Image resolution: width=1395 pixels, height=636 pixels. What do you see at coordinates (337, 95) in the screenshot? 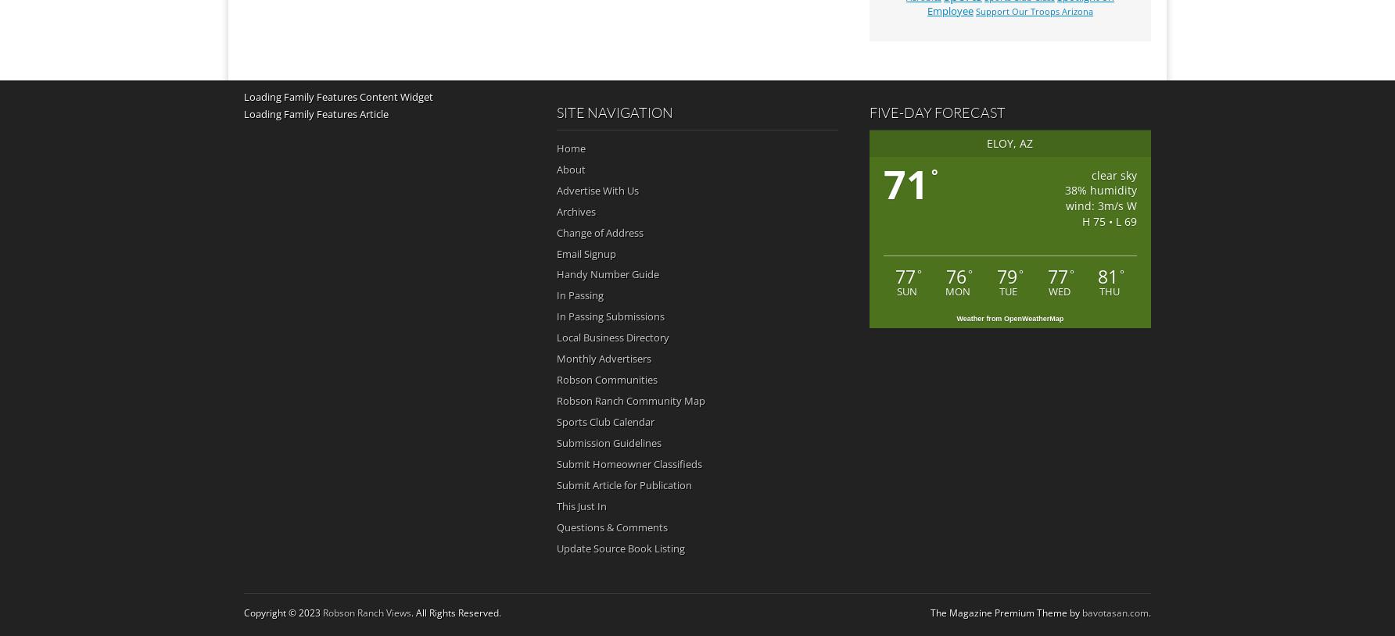
I see `'Loading Family Features Content Widget'` at bounding box center [337, 95].